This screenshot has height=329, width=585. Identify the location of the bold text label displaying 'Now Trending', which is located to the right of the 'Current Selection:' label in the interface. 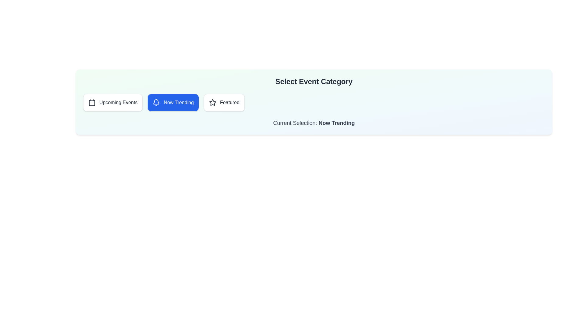
(336, 123).